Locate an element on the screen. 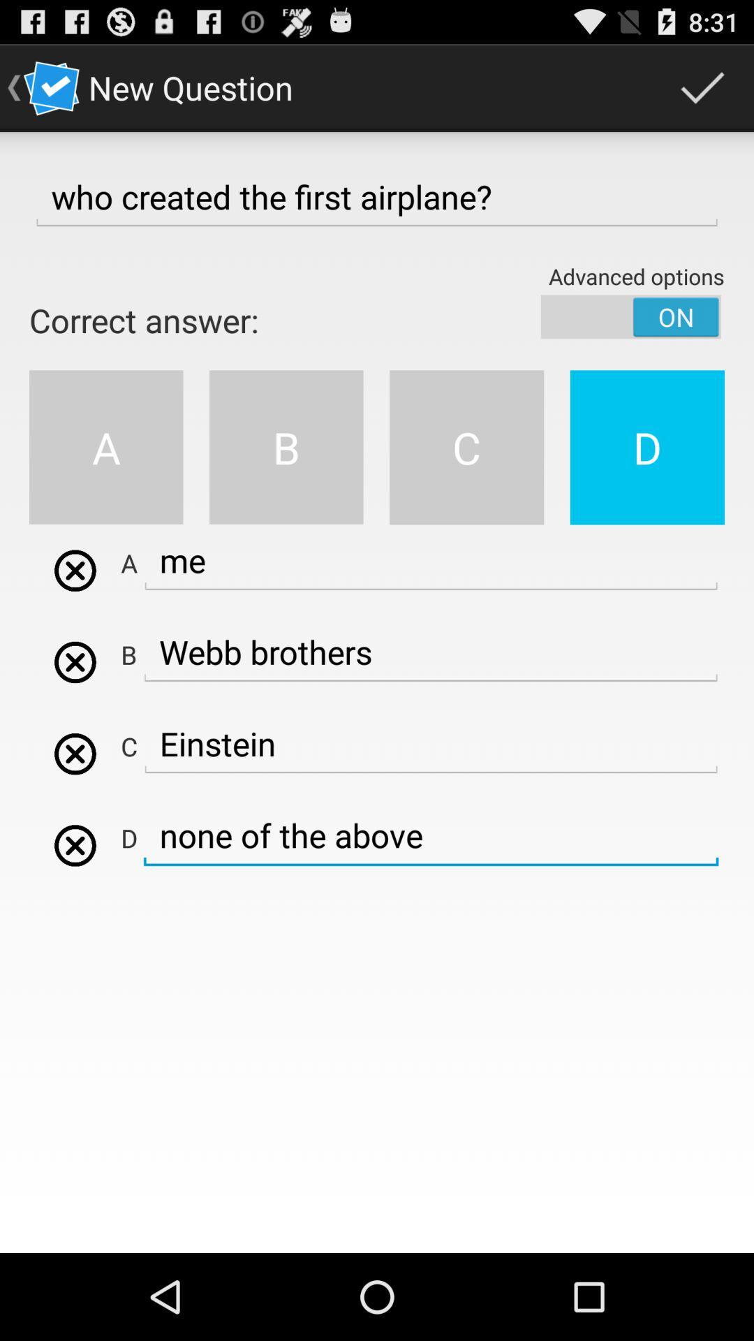  remove option is located at coordinates (75, 661).